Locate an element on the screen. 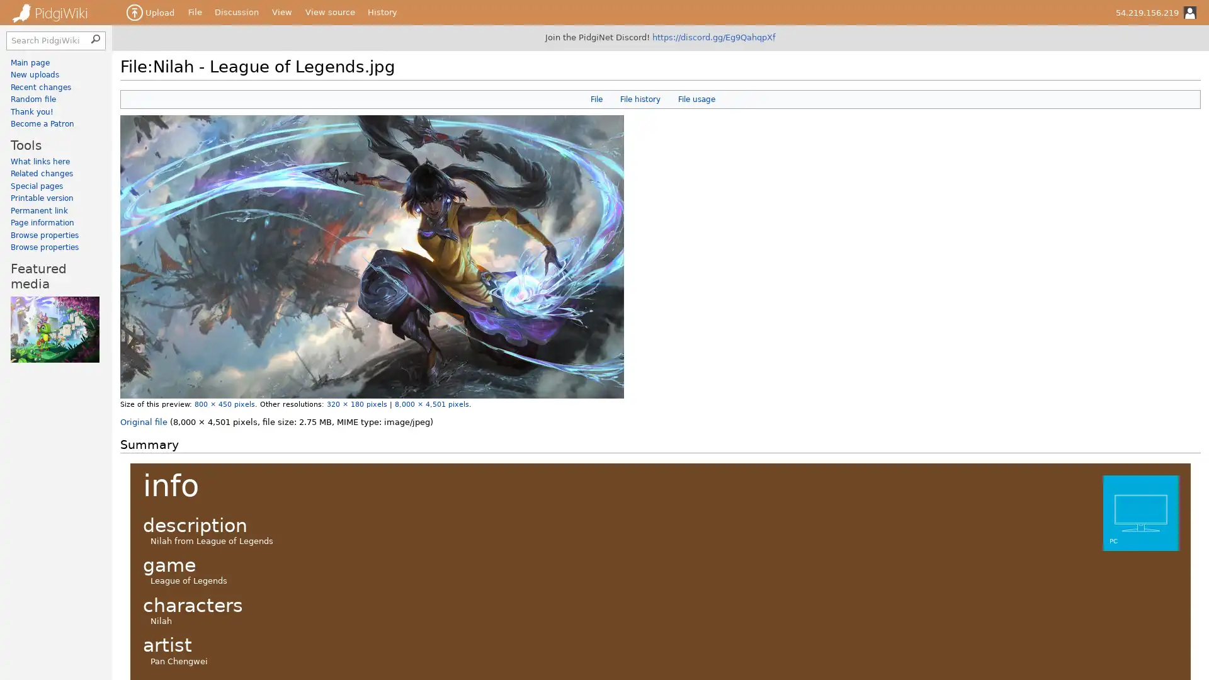  Search is located at coordinates (96, 37).